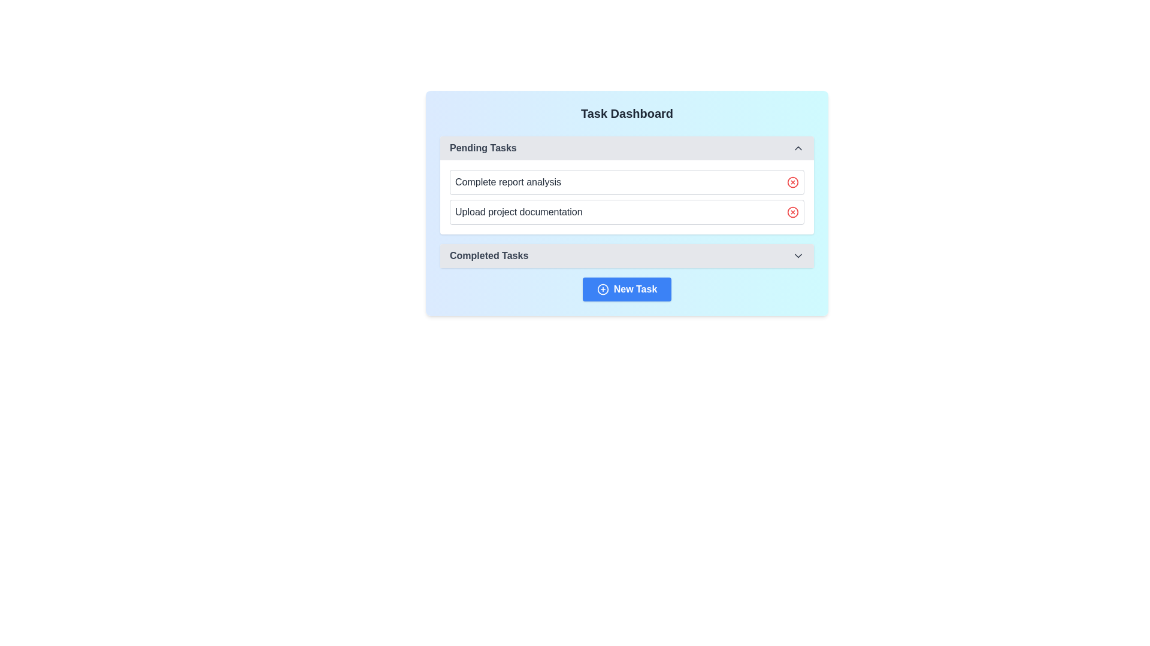 The height and width of the screenshot is (646, 1150). Describe the element at coordinates (793, 211) in the screenshot. I see `the delete icon located on the right side of the task entry labeled 'Upload project documentation' in the second row of the 'Pending Tasks' section` at that location.